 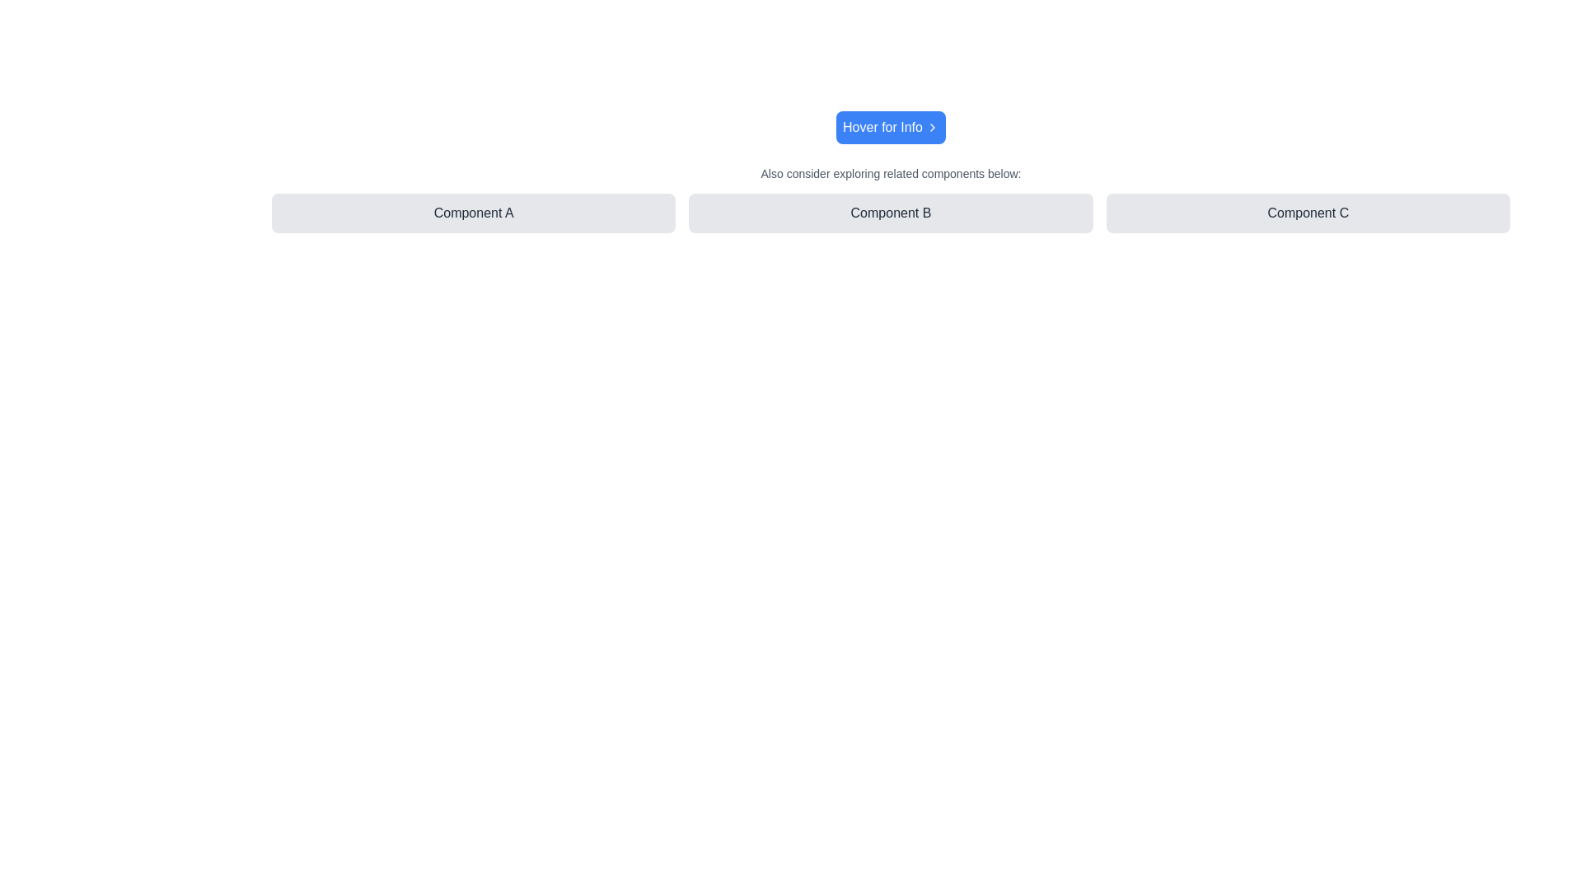 I want to click on the first button in a horizontally aligned group of three buttons, so click(x=473, y=212).